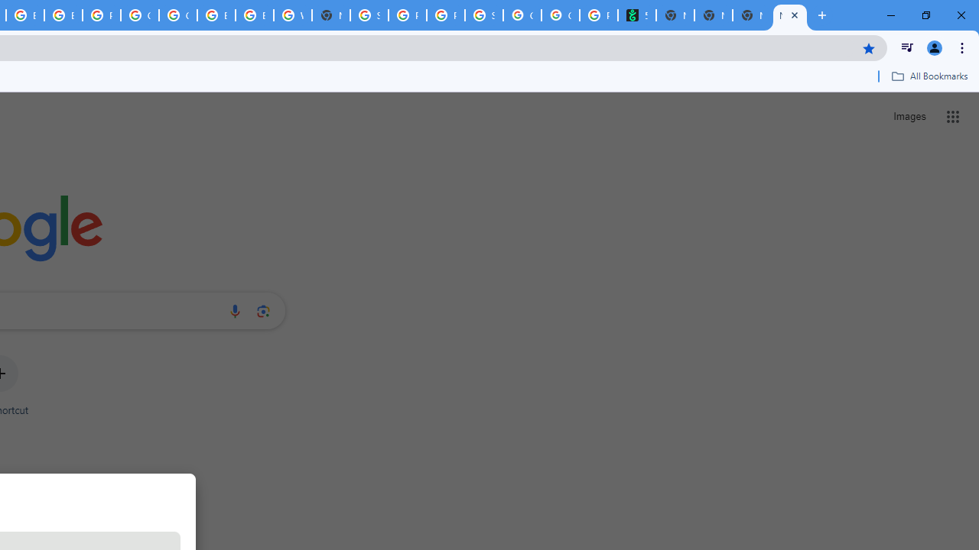  What do you see at coordinates (177, 15) in the screenshot?
I see `'Google Cloud Platform'` at bounding box center [177, 15].